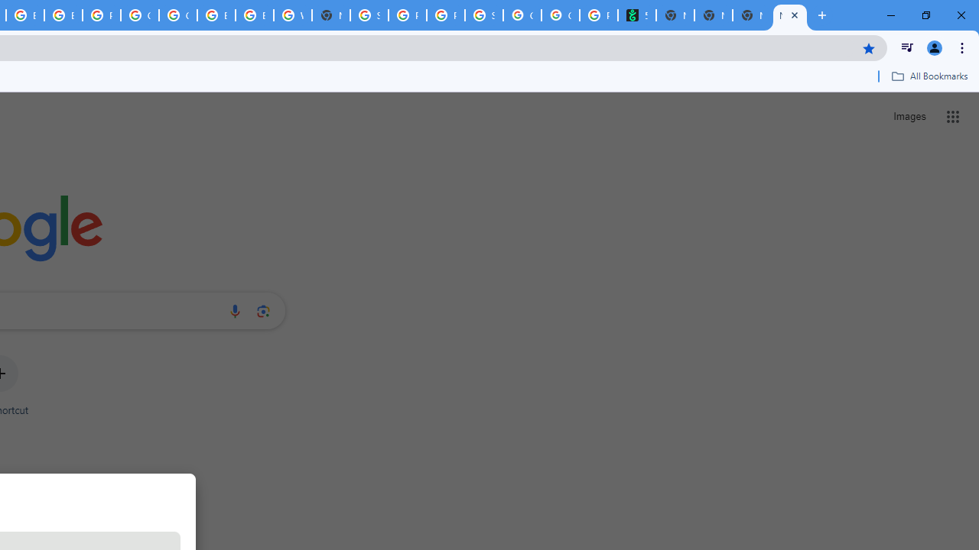  What do you see at coordinates (177, 15) in the screenshot?
I see `'Google Cloud Platform'` at bounding box center [177, 15].